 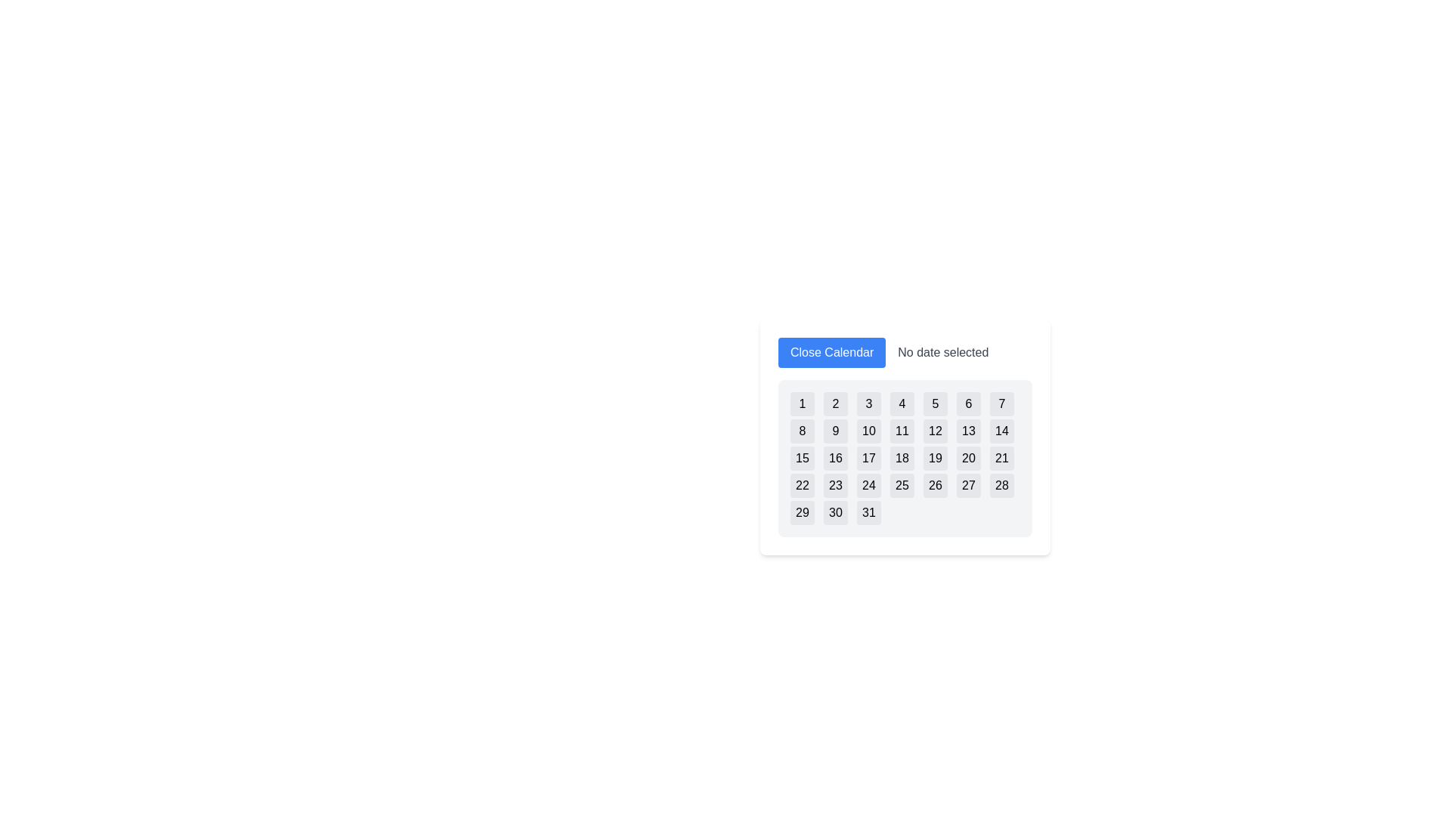 What do you see at coordinates (801, 512) in the screenshot?
I see `the button located in the last row of the calendar grid` at bounding box center [801, 512].